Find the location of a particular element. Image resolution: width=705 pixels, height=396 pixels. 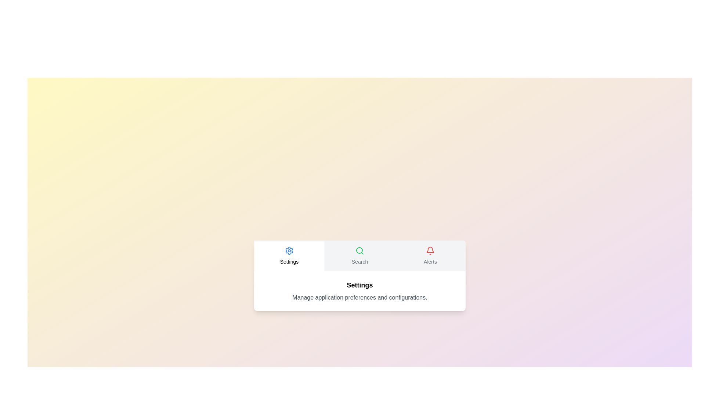

the tab labeled Search to change the active tab is located at coordinates (359, 256).